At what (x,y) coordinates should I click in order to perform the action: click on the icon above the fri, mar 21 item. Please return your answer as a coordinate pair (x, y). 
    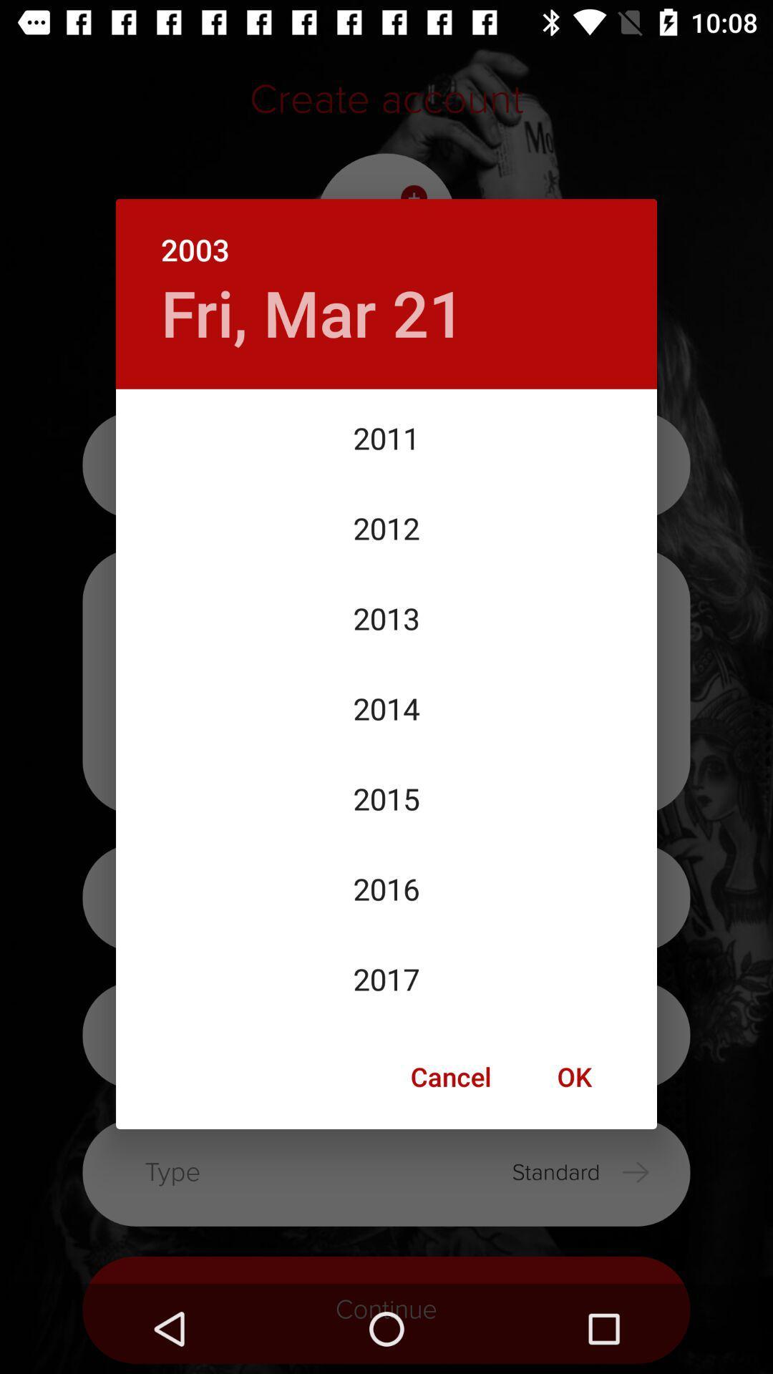
    Looking at the image, I should click on (386, 234).